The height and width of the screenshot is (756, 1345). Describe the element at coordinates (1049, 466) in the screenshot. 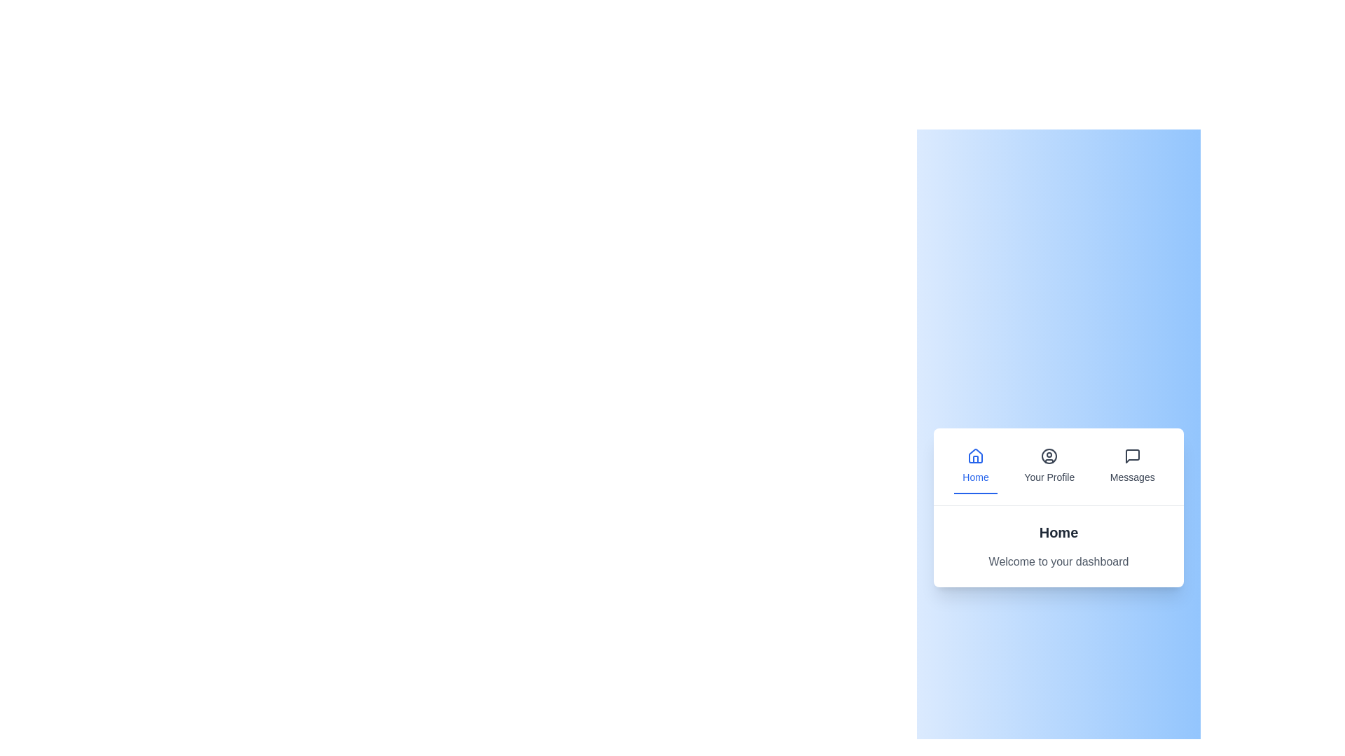

I see `the tab labeled Your Profile` at that location.